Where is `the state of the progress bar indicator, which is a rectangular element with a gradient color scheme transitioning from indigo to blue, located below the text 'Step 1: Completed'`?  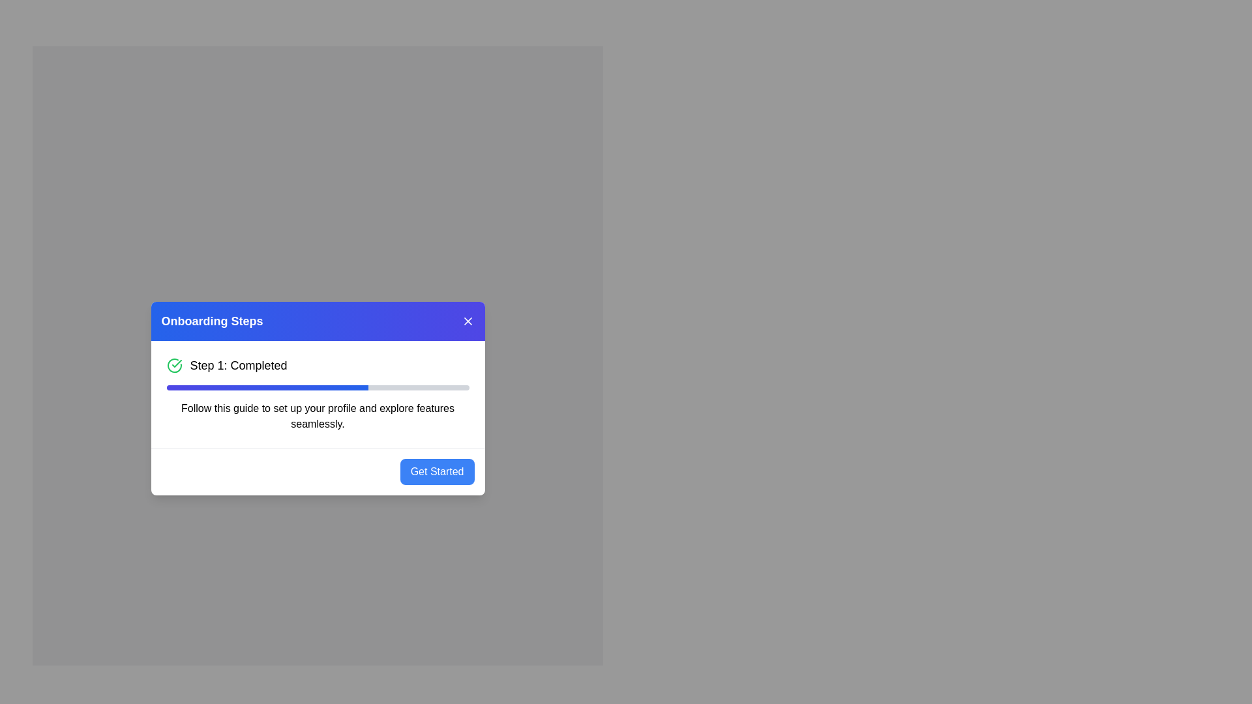 the state of the progress bar indicator, which is a rectangular element with a gradient color scheme transitioning from indigo to blue, located below the text 'Step 1: Completed' is located at coordinates (267, 387).